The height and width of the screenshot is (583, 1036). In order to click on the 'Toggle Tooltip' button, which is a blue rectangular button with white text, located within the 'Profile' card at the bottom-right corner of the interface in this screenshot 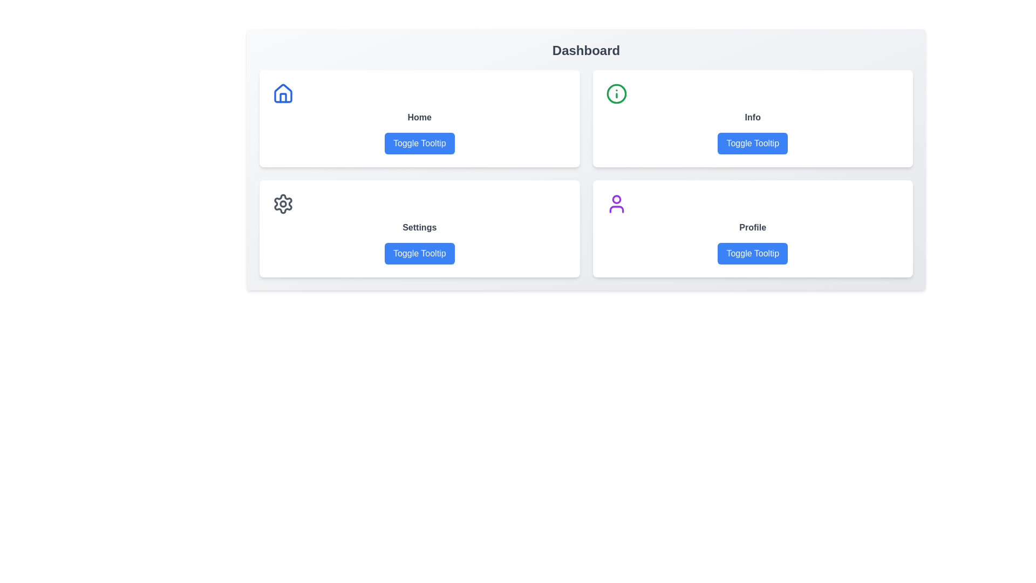, I will do `click(752, 254)`.